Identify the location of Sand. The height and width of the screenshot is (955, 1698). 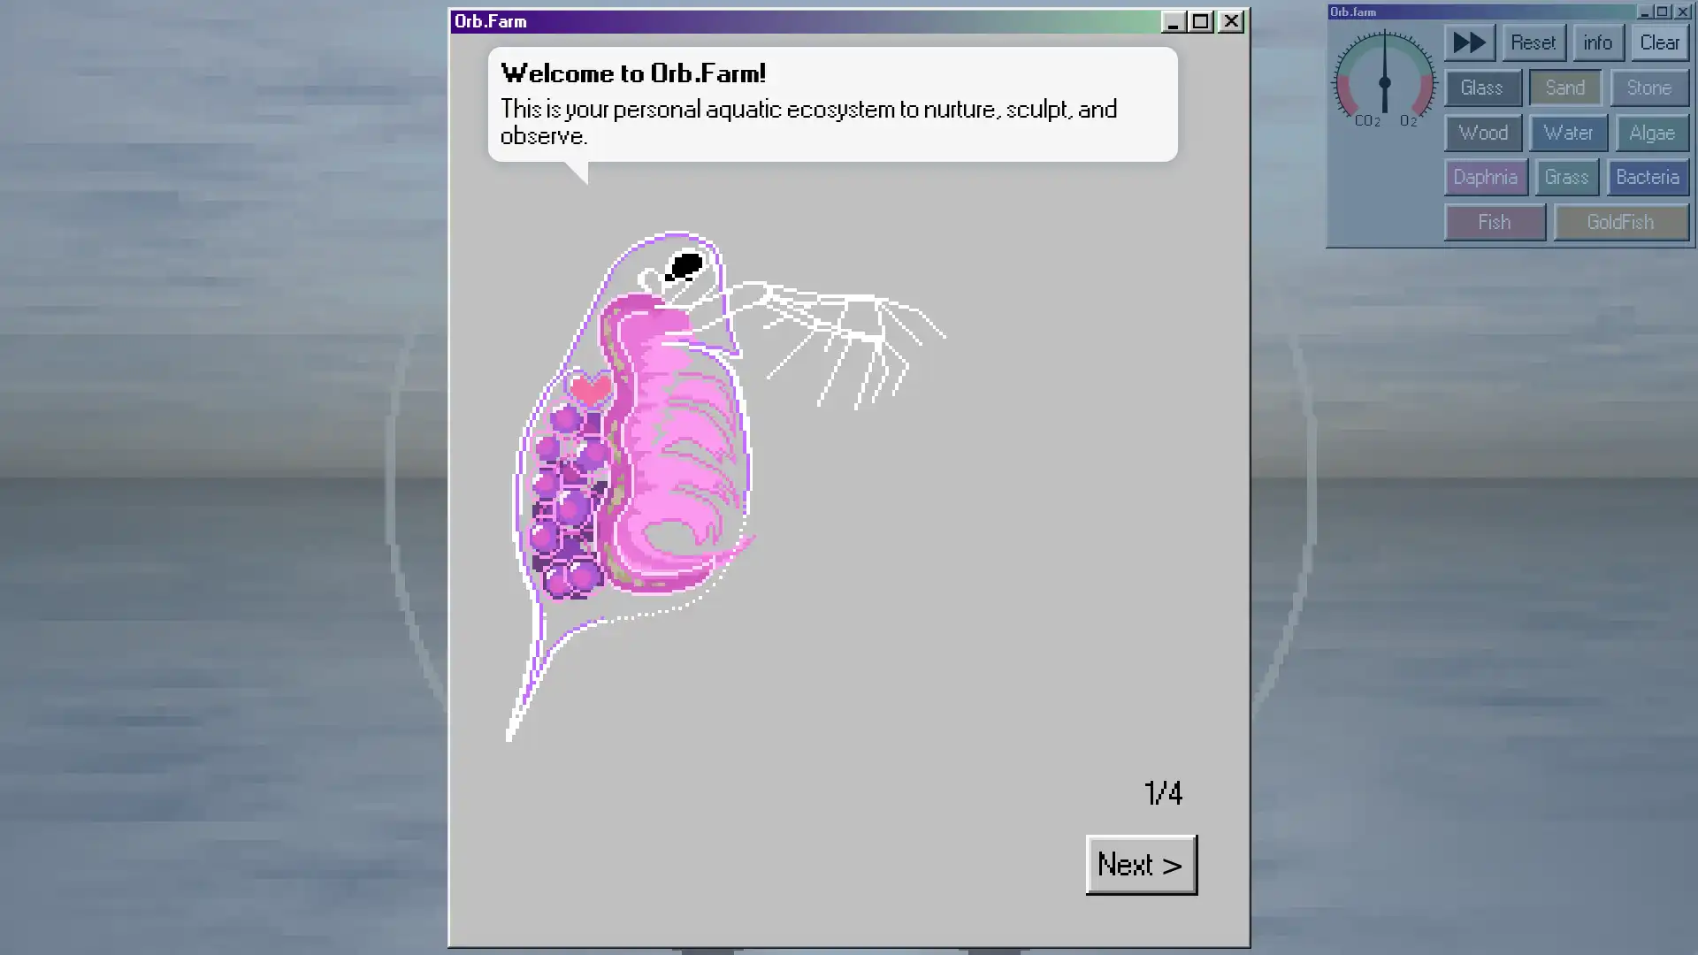
(834, 45).